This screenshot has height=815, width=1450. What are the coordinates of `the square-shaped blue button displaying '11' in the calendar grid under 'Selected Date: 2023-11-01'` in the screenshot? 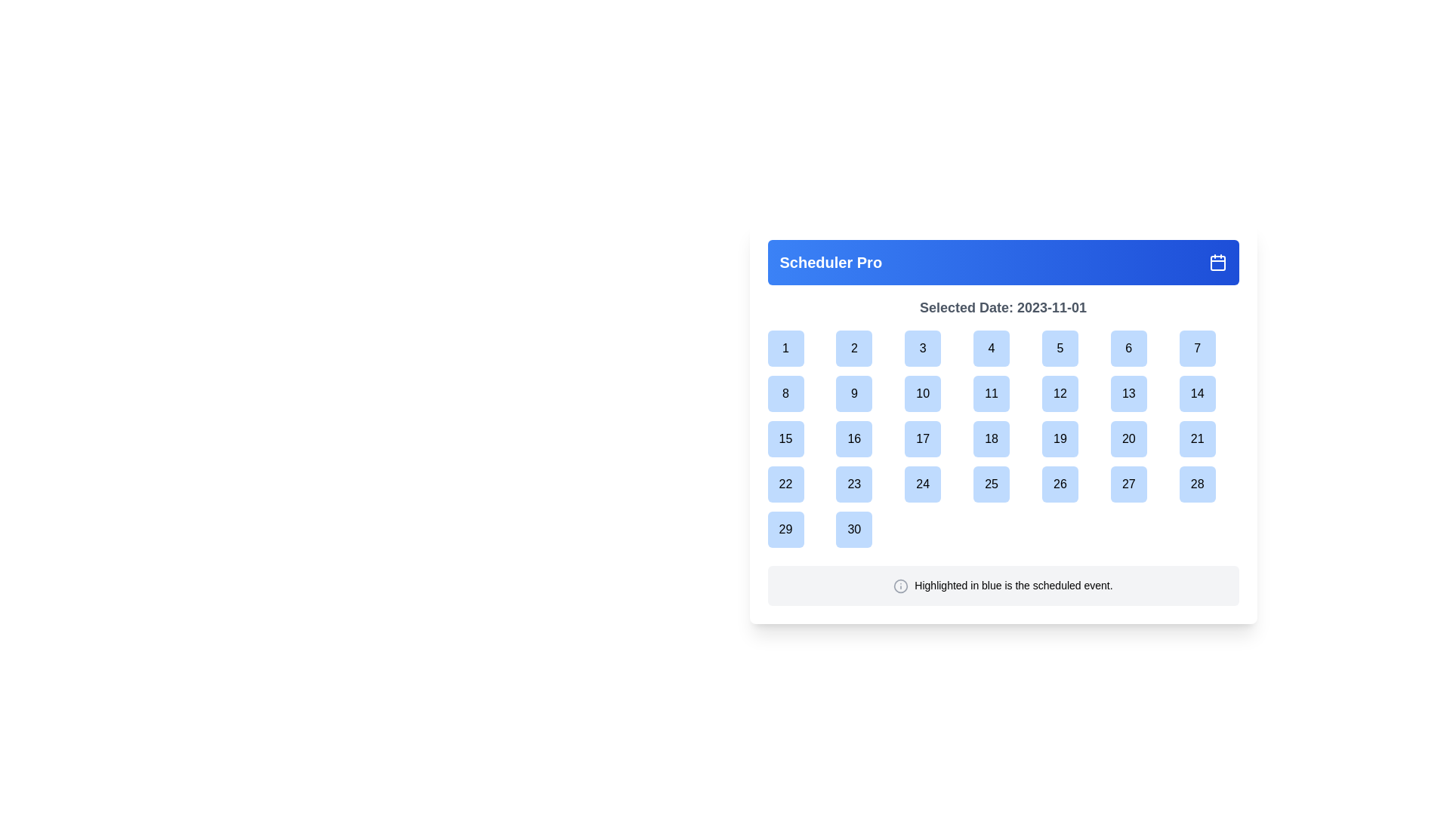 It's located at (992, 392).